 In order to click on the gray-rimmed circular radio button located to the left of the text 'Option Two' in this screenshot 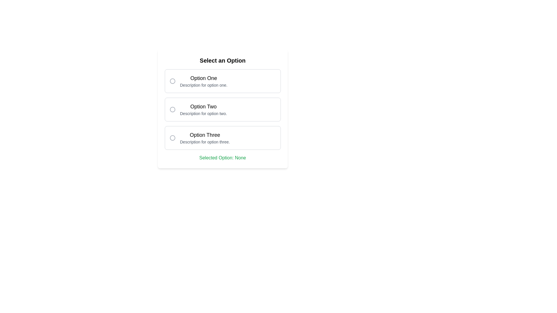, I will do `click(172, 110)`.